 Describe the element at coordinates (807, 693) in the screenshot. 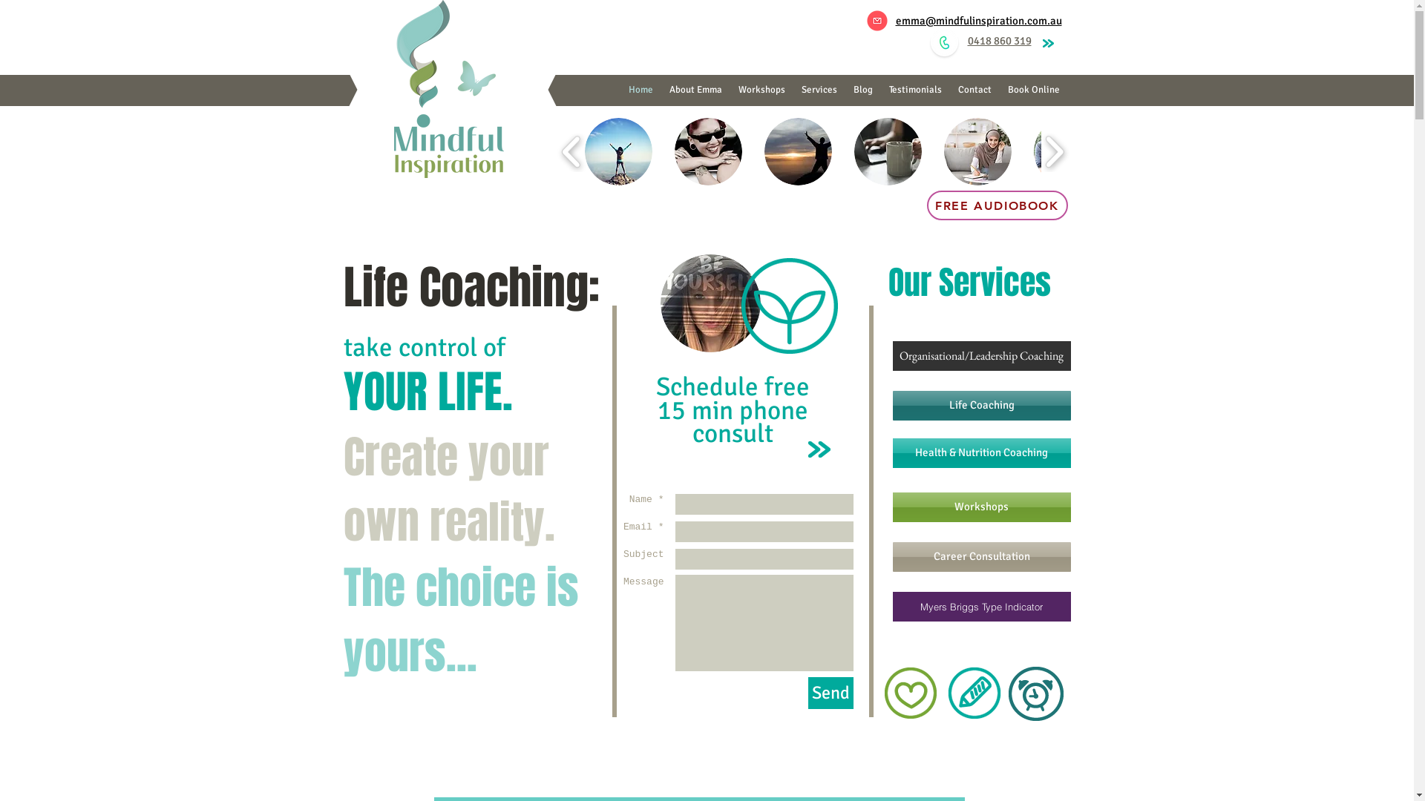

I see `'Send'` at that location.